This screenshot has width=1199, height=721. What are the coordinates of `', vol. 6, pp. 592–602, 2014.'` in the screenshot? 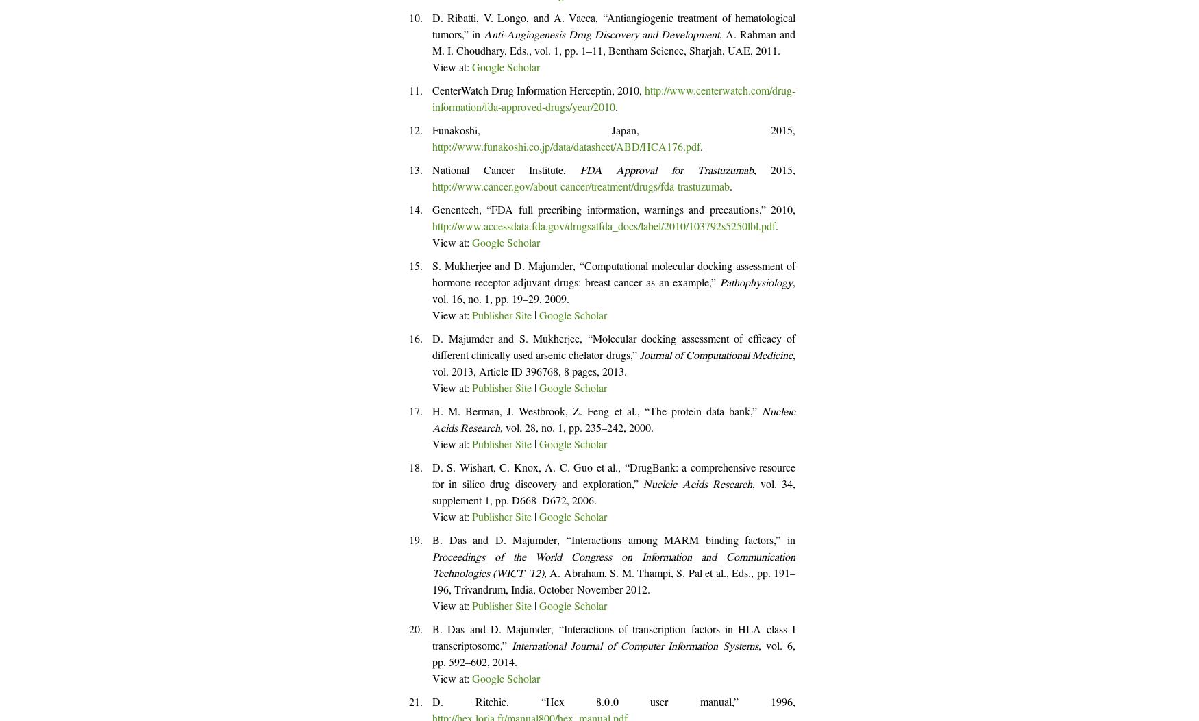 It's located at (613, 655).